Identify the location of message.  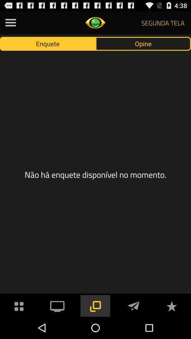
(133, 305).